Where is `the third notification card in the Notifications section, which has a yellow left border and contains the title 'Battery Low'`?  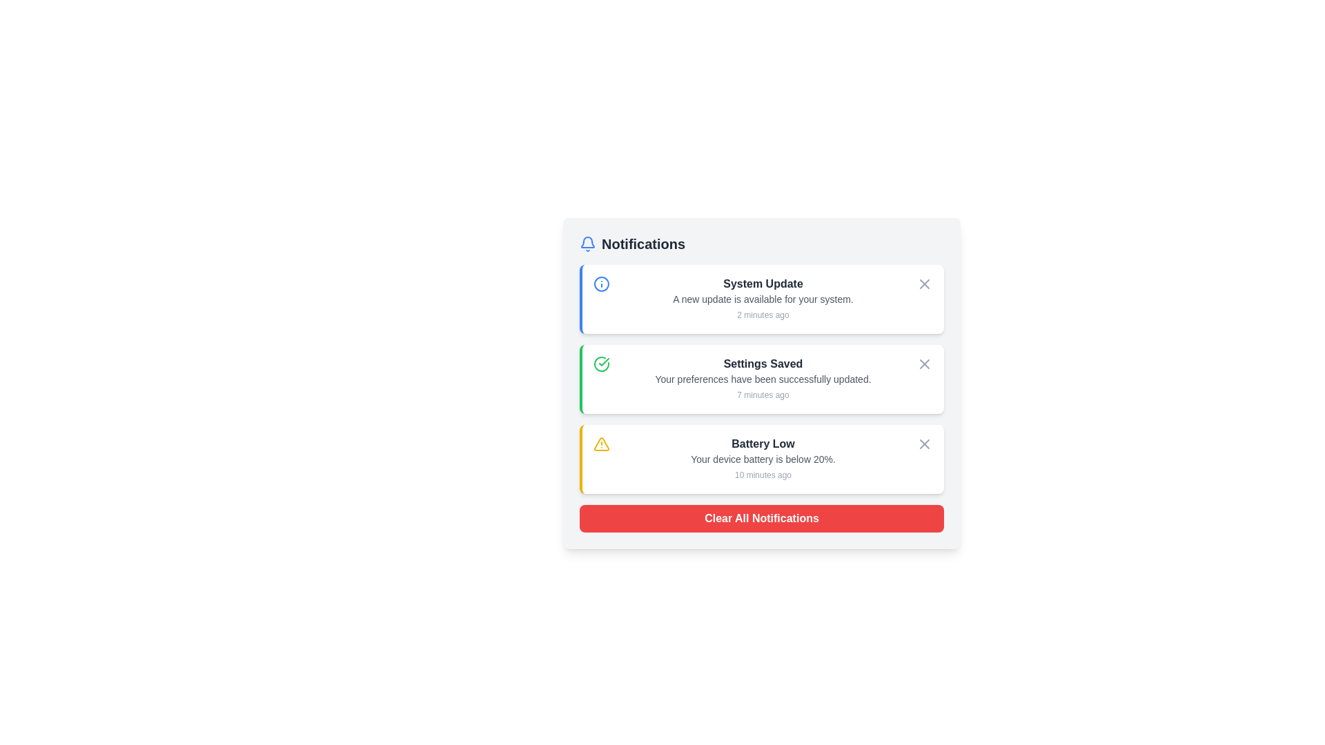
the third notification card in the Notifications section, which has a yellow left border and contains the title 'Battery Low' is located at coordinates (761, 459).